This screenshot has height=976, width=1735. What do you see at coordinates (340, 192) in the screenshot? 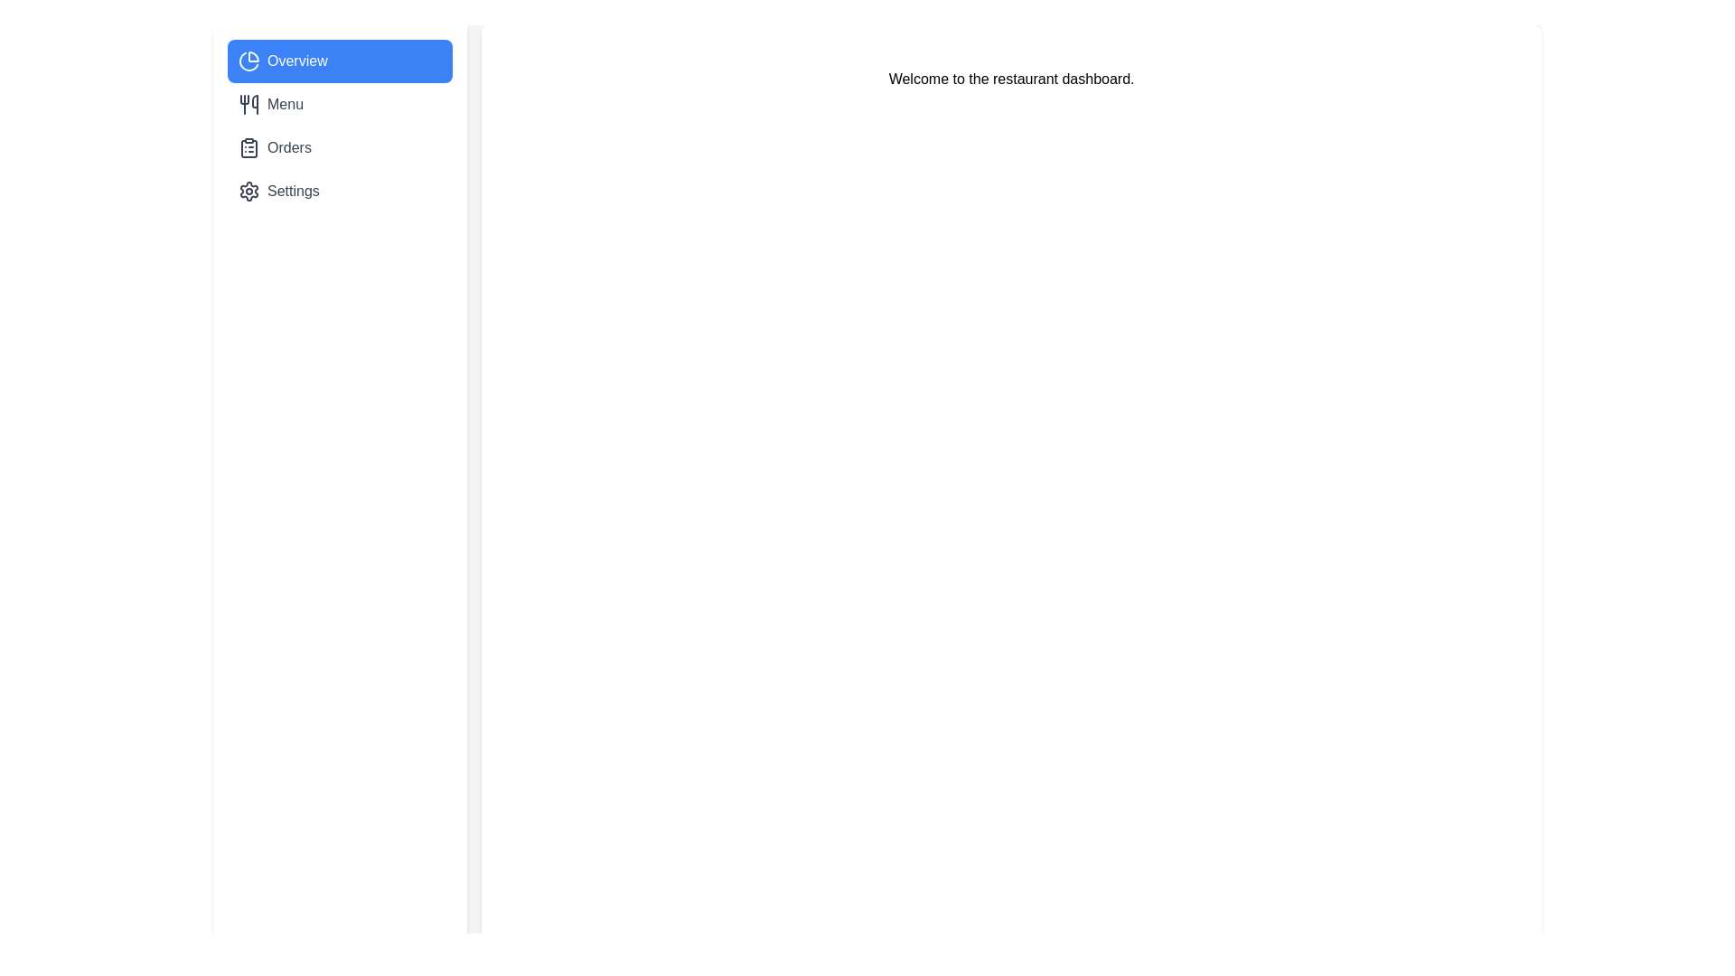
I see `the fourth button in the vertical list of options in the sidebar` at bounding box center [340, 192].